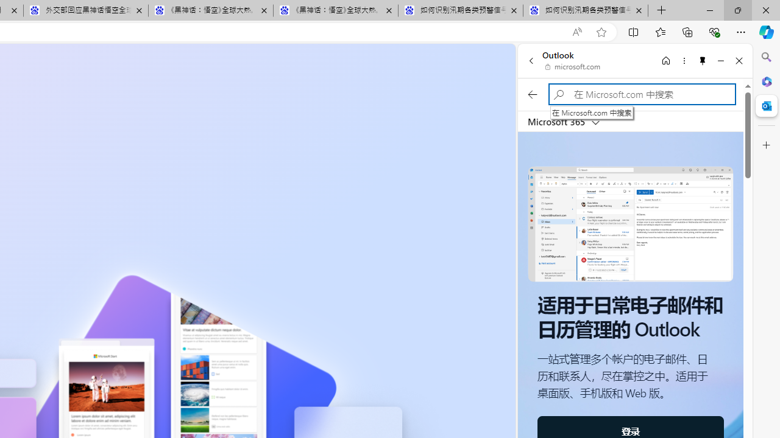  Describe the element at coordinates (703, 60) in the screenshot. I see `'Unpin side pane'` at that location.